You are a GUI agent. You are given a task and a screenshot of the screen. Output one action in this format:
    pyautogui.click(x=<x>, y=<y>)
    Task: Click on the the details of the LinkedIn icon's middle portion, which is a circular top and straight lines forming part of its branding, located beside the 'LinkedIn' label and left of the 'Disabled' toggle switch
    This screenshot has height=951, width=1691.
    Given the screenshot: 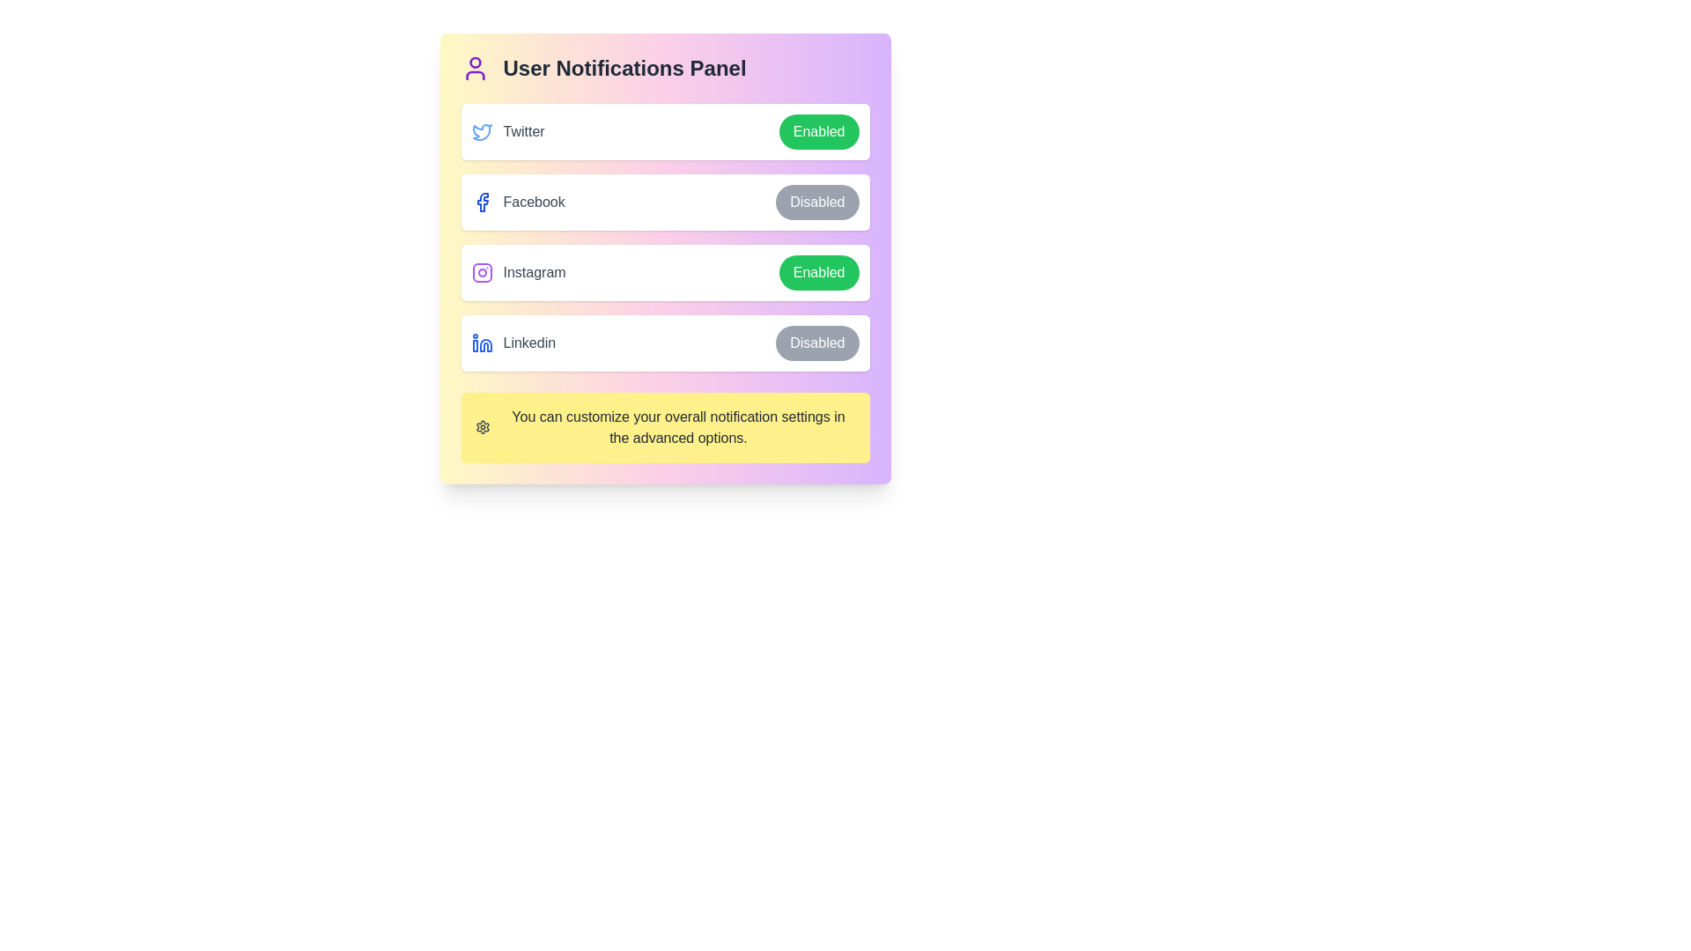 What is the action you would take?
    pyautogui.click(x=485, y=345)
    